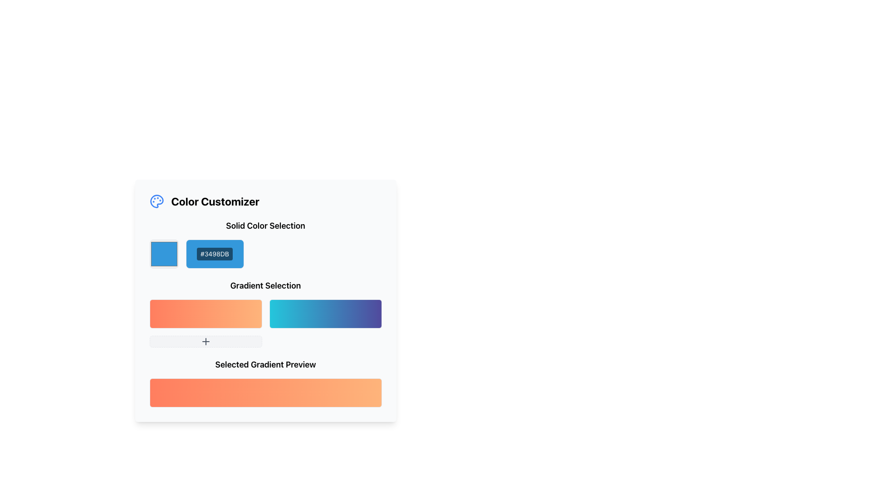 The width and height of the screenshot is (871, 490). I want to click on the color code display label, which is the second component in the horizontal group under the 'Solid Color Selection' heading, located immediately to the right of the square color sample swatch, so click(214, 254).